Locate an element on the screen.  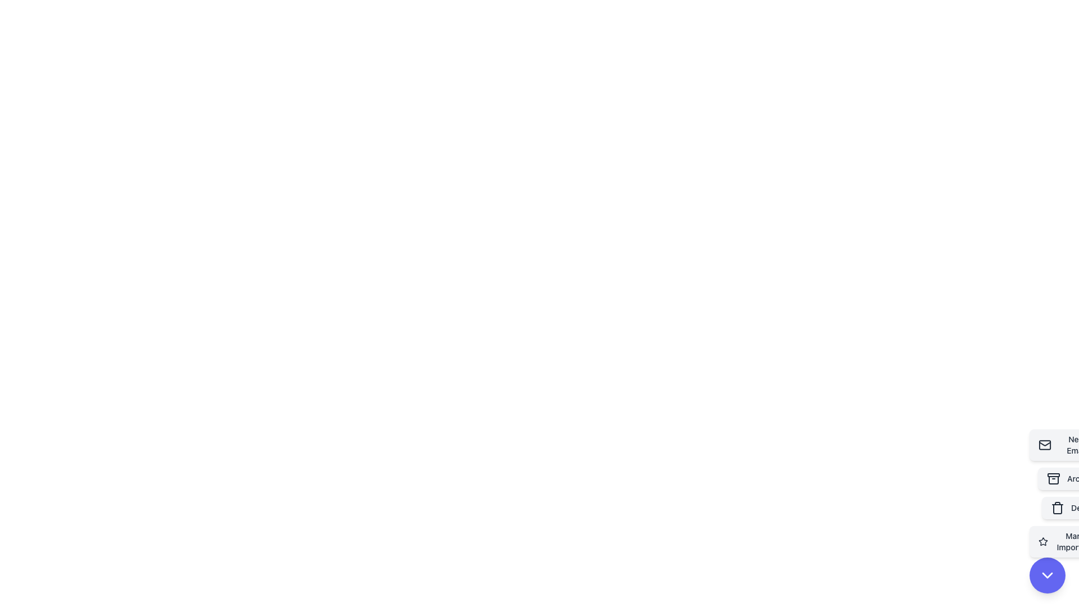
the star-shaped icon outlined in black is located at coordinates (1042, 541).